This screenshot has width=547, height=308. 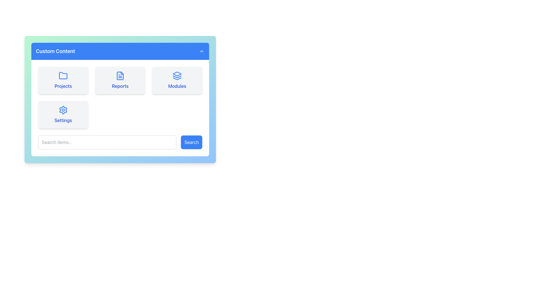 I want to click on the 'Projects' text label, which is styled in blue and located within a rectangular box below the folder icon, so click(x=63, y=86).